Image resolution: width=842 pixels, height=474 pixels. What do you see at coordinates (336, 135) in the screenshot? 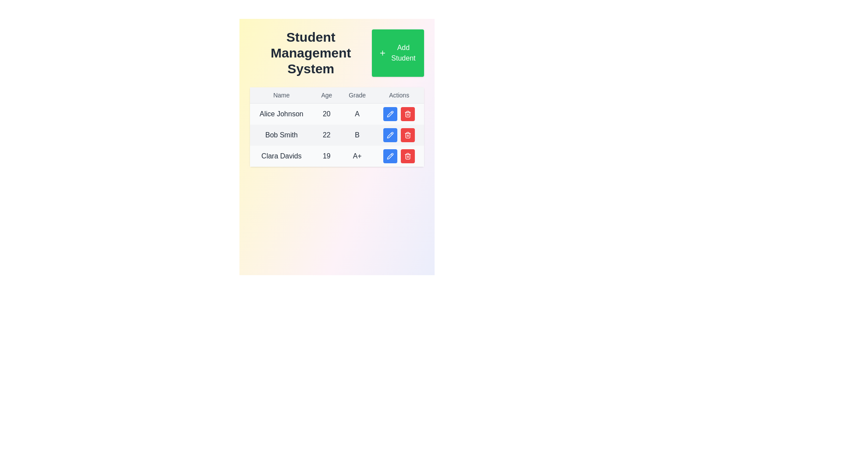
I see `the second row` at bounding box center [336, 135].